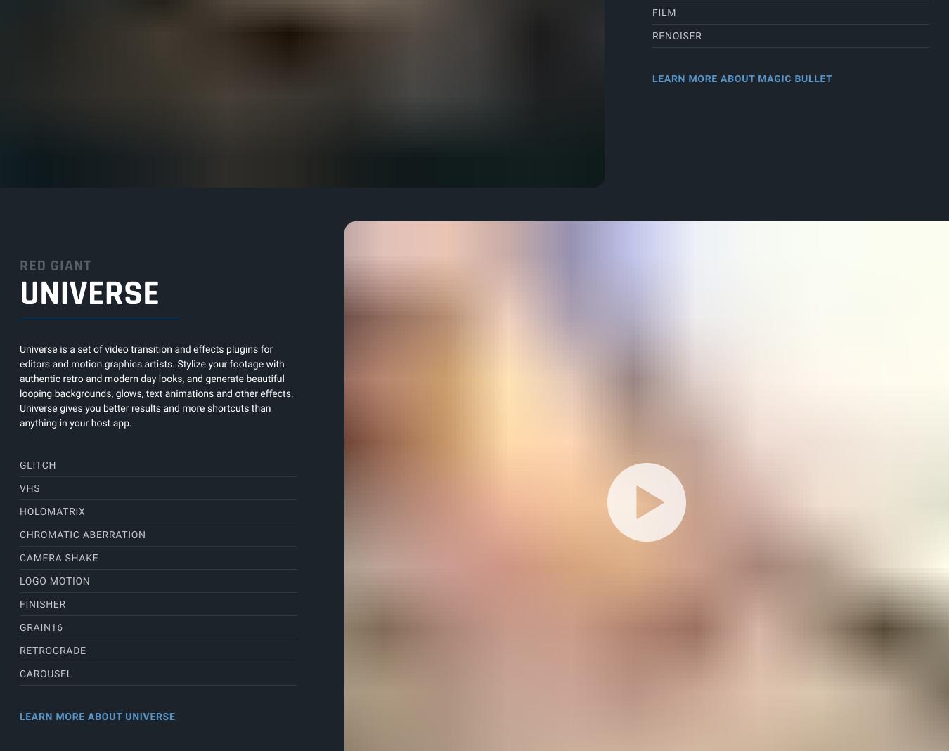 Image resolution: width=949 pixels, height=751 pixels. Describe the element at coordinates (663, 13) in the screenshot. I see `'Film'` at that location.